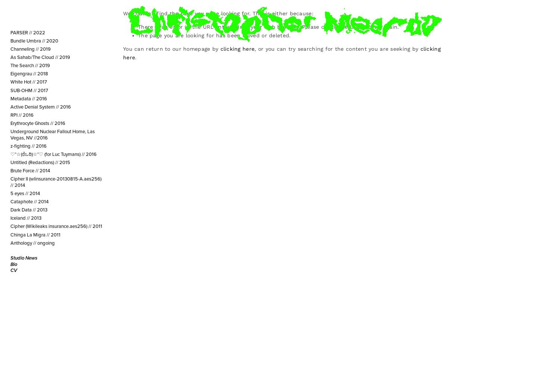  What do you see at coordinates (32, 242) in the screenshot?
I see `'Anthology // ongoing'` at bounding box center [32, 242].